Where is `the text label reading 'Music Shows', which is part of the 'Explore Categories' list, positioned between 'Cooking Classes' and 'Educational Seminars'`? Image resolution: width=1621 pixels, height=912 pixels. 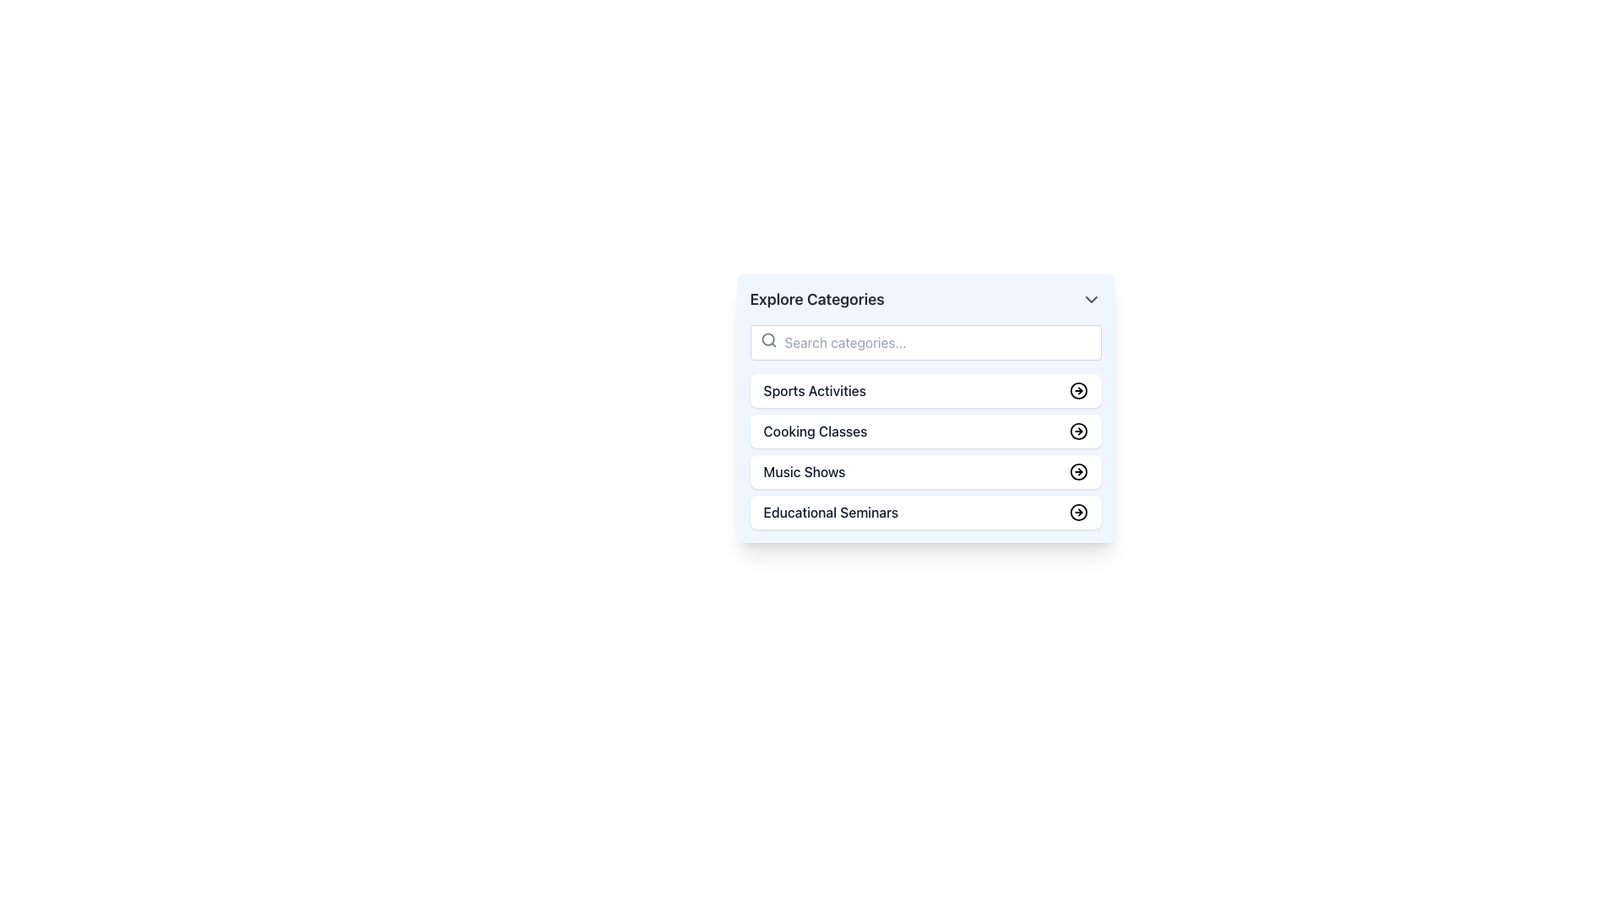
the text label reading 'Music Shows', which is part of the 'Explore Categories' list, positioned between 'Cooking Classes' and 'Educational Seminars' is located at coordinates (804, 472).